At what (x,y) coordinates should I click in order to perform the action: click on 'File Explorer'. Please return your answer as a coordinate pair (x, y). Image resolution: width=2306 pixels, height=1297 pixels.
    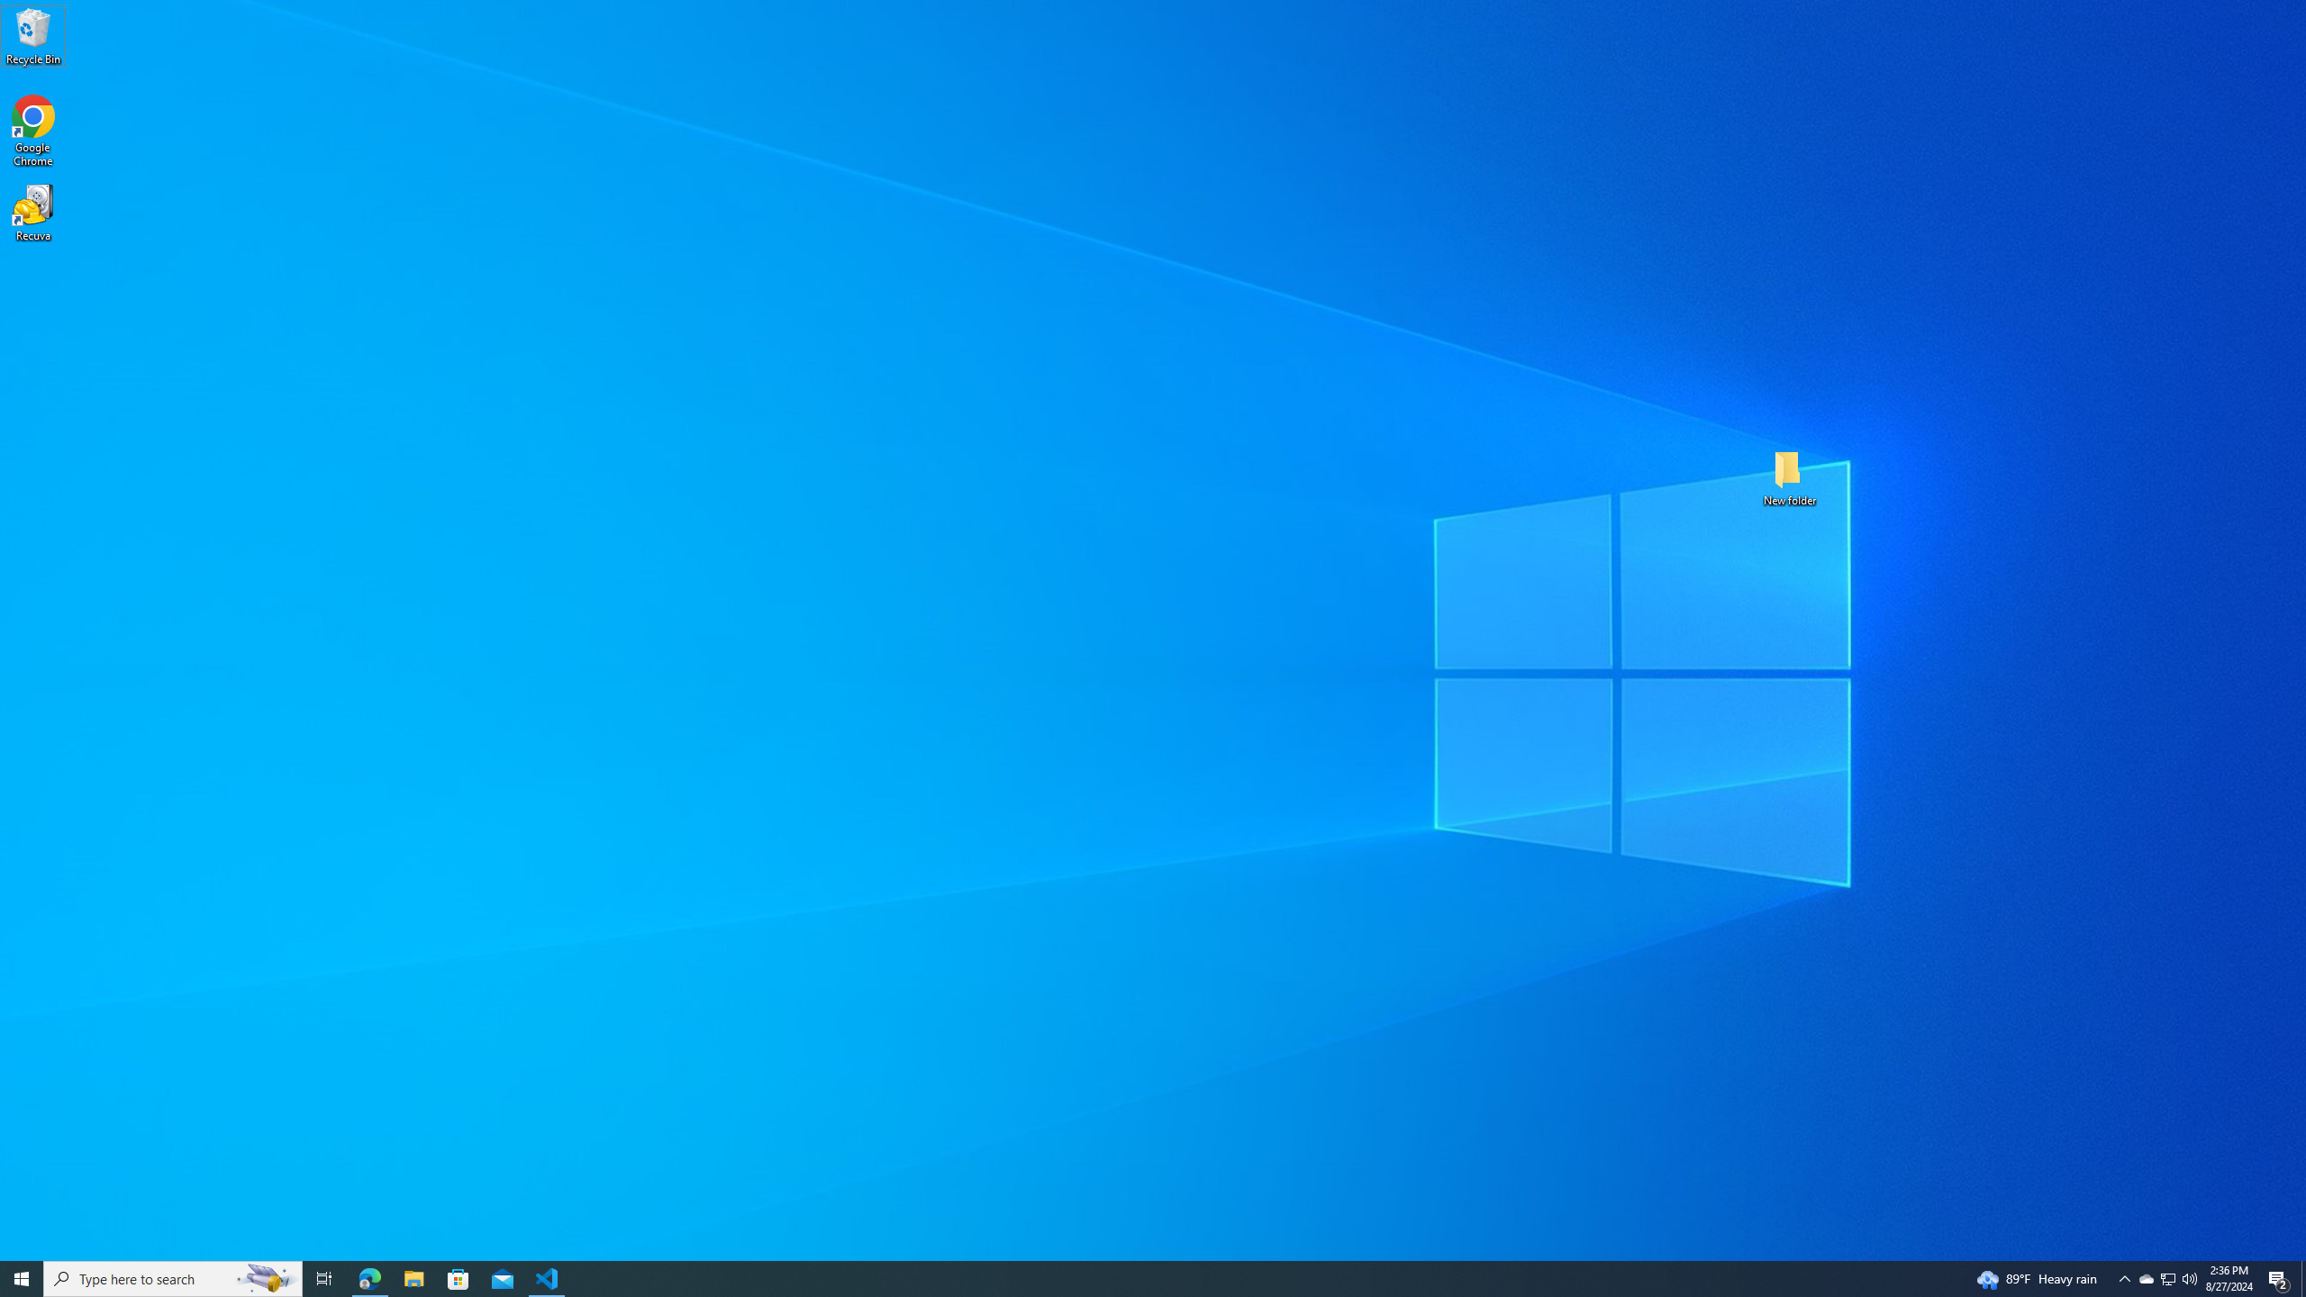
    Looking at the image, I should click on (413, 1277).